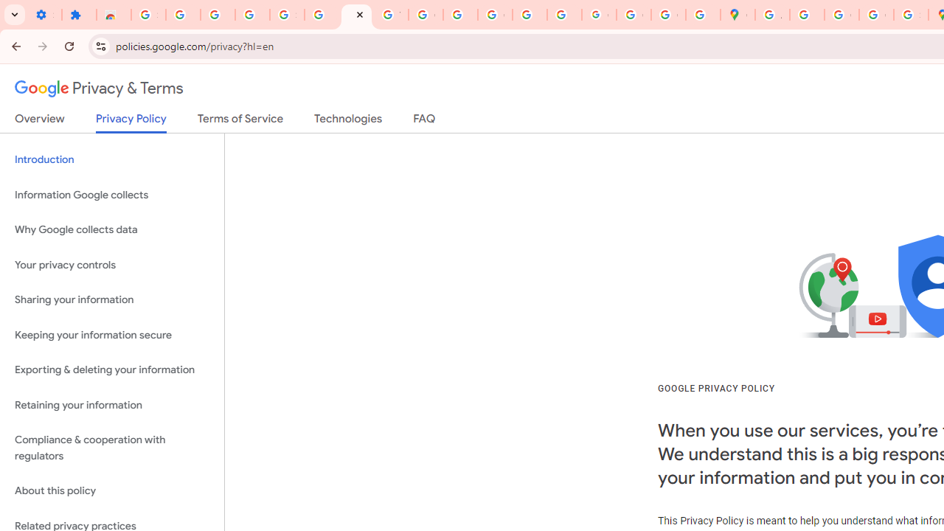  What do you see at coordinates (148, 15) in the screenshot?
I see `'Sign in - Google Accounts'` at bounding box center [148, 15].